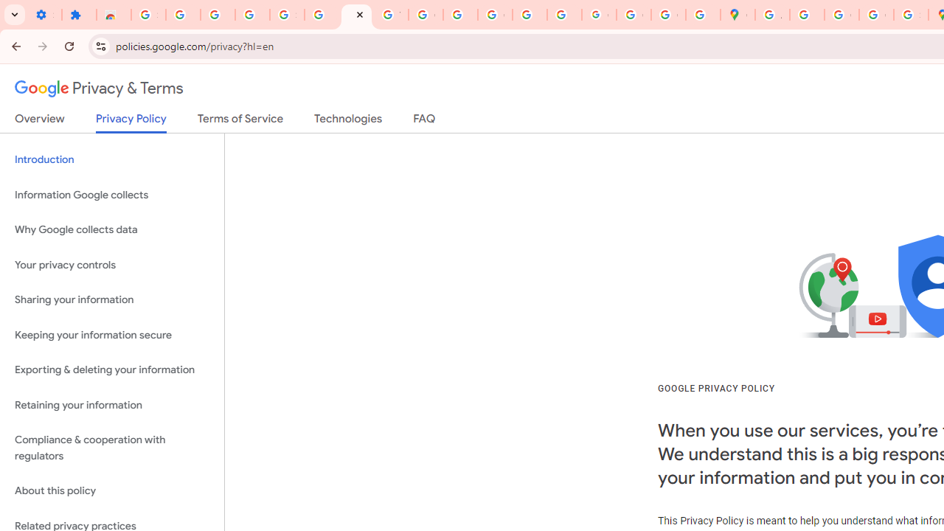  What do you see at coordinates (148, 15) in the screenshot?
I see `'Sign in - Google Accounts'` at bounding box center [148, 15].